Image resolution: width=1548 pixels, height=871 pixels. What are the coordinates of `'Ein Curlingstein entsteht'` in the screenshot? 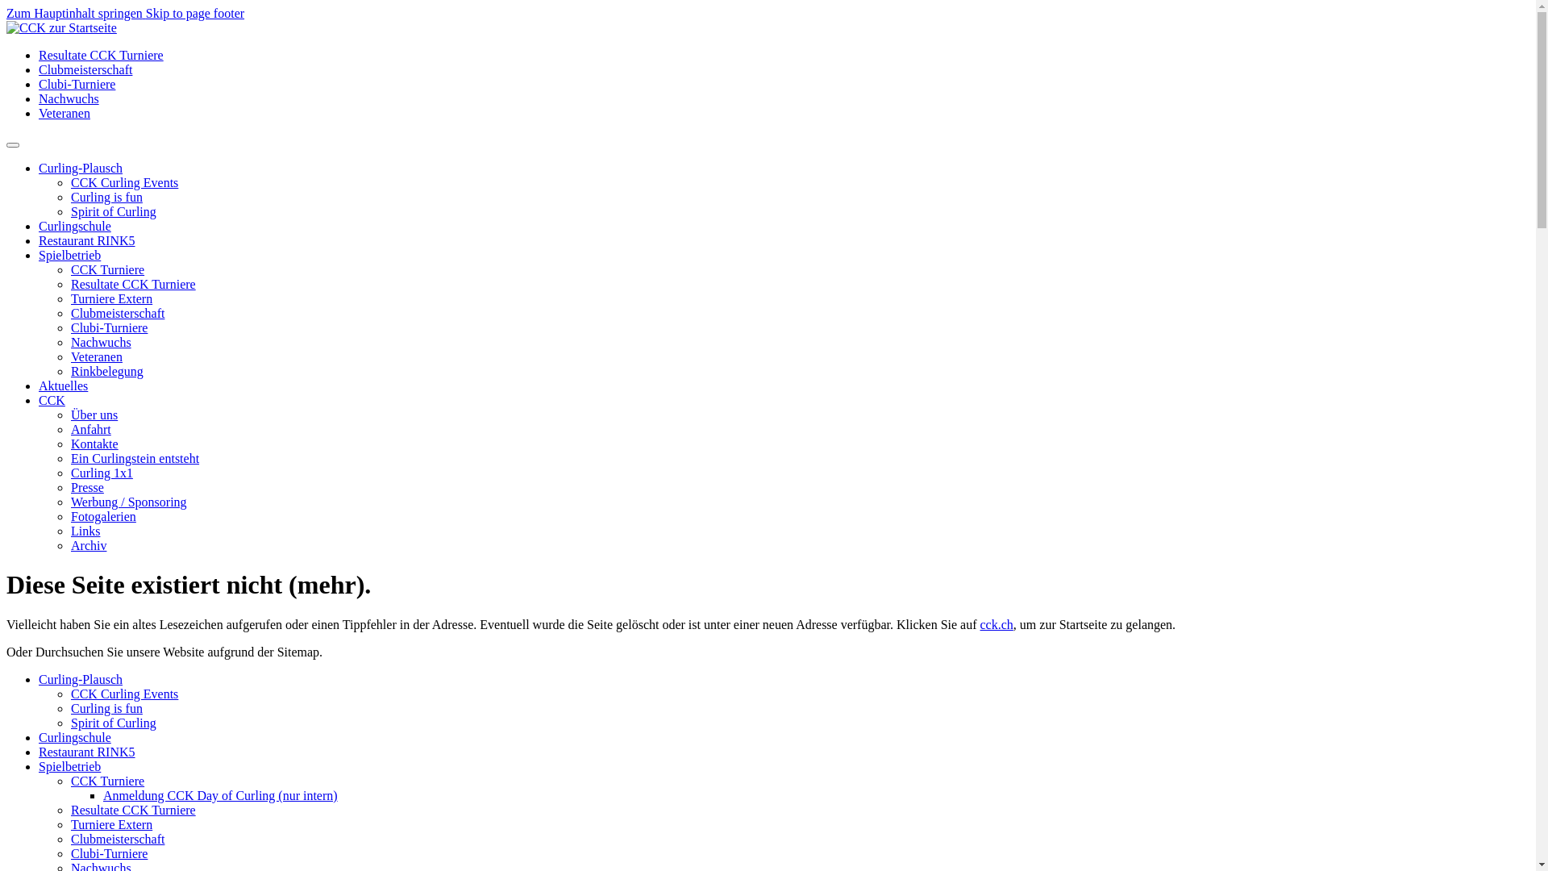 It's located at (135, 458).